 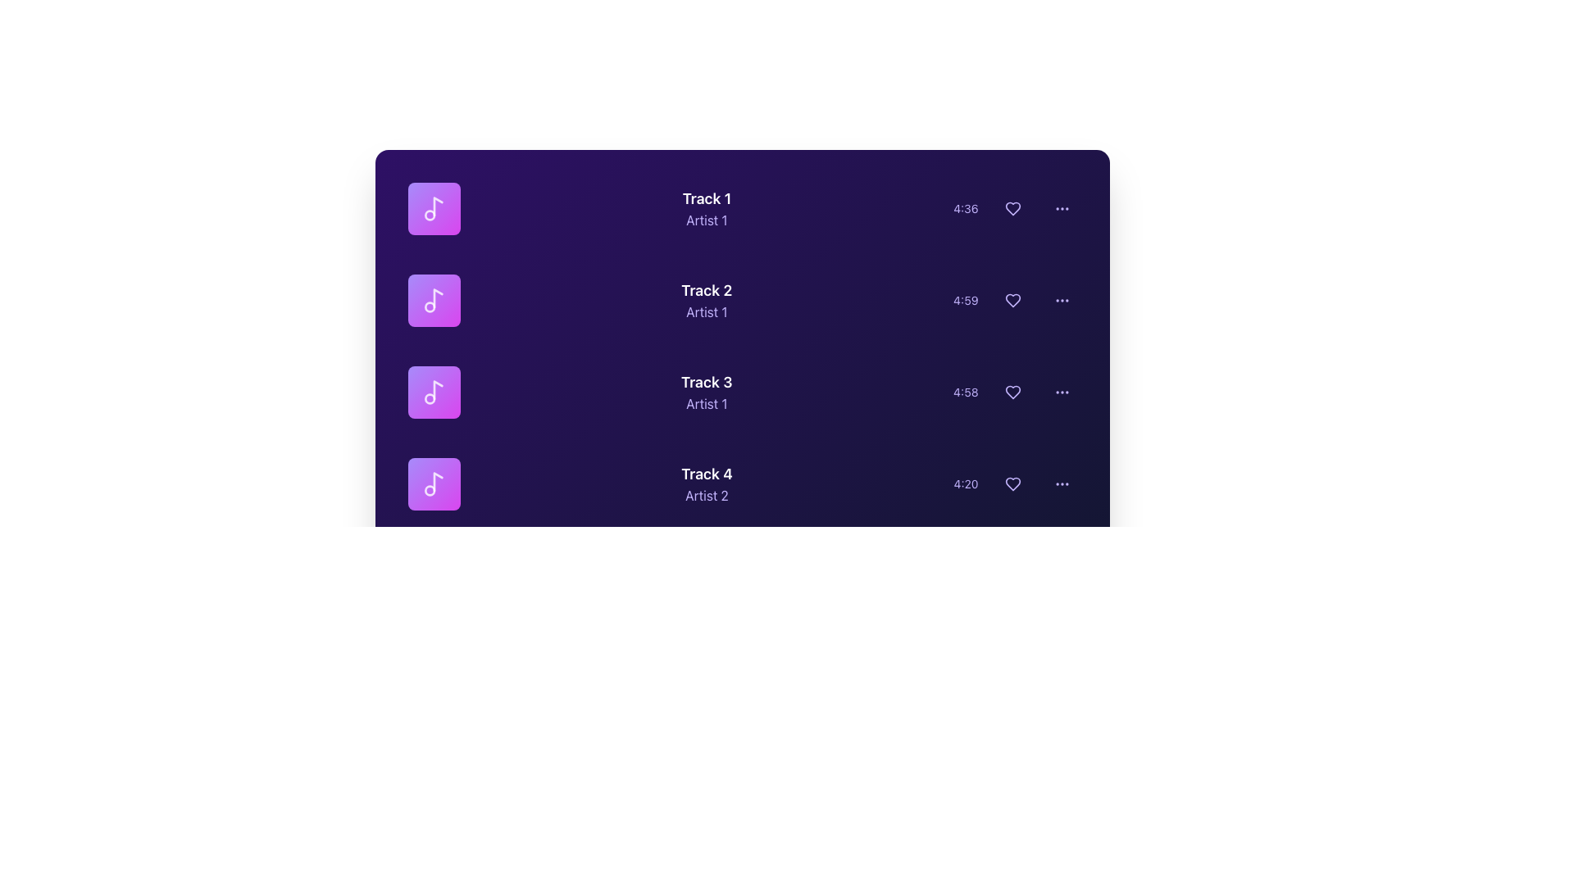 What do you see at coordinates (434, 392) in the screenshot?
I see `the third music note icon with a gradient purple background` at bounding box center [434, 392].